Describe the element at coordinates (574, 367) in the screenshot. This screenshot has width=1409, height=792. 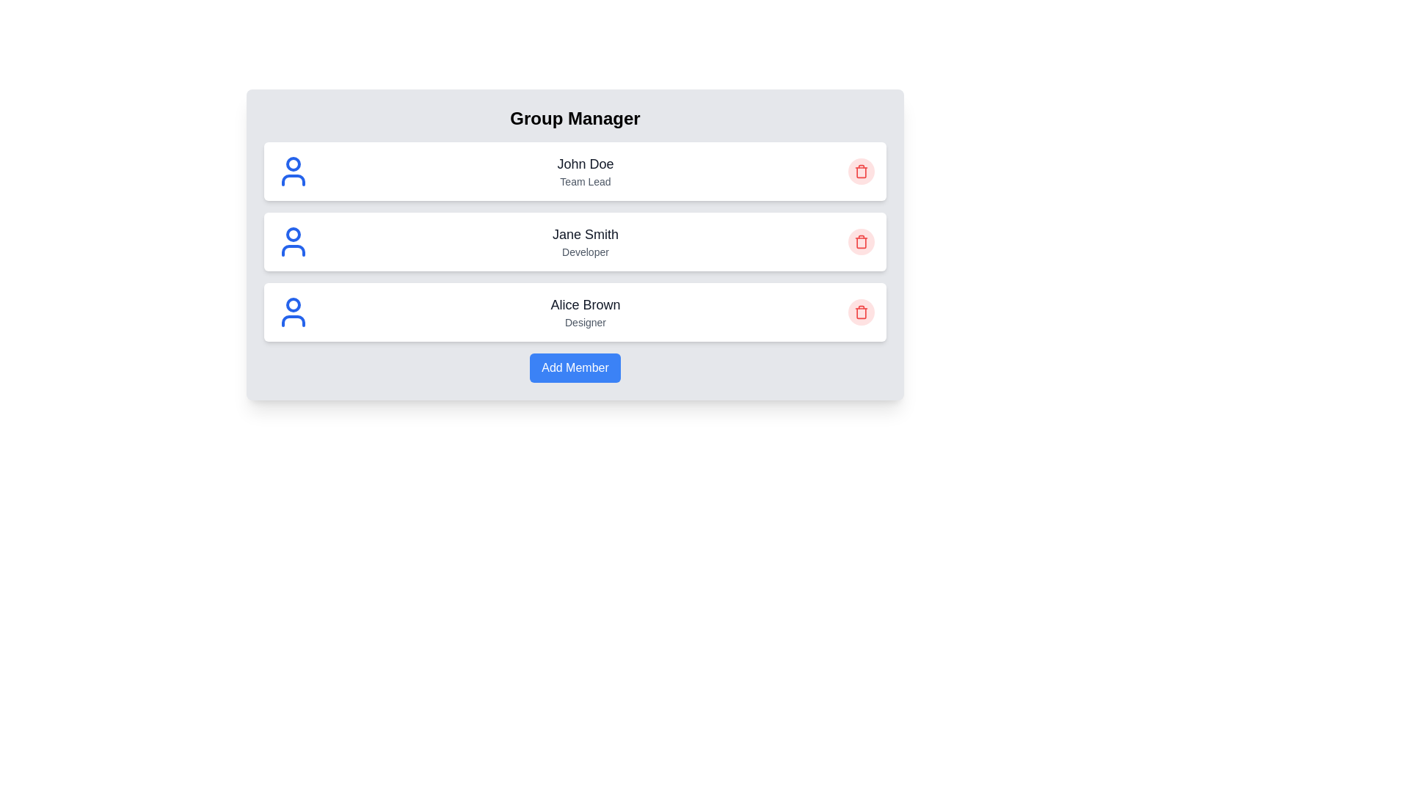
I see `the blue 'Add Member' button with rounded corners located below the last member entry, 'Alice Brown - Designer'` at that location.